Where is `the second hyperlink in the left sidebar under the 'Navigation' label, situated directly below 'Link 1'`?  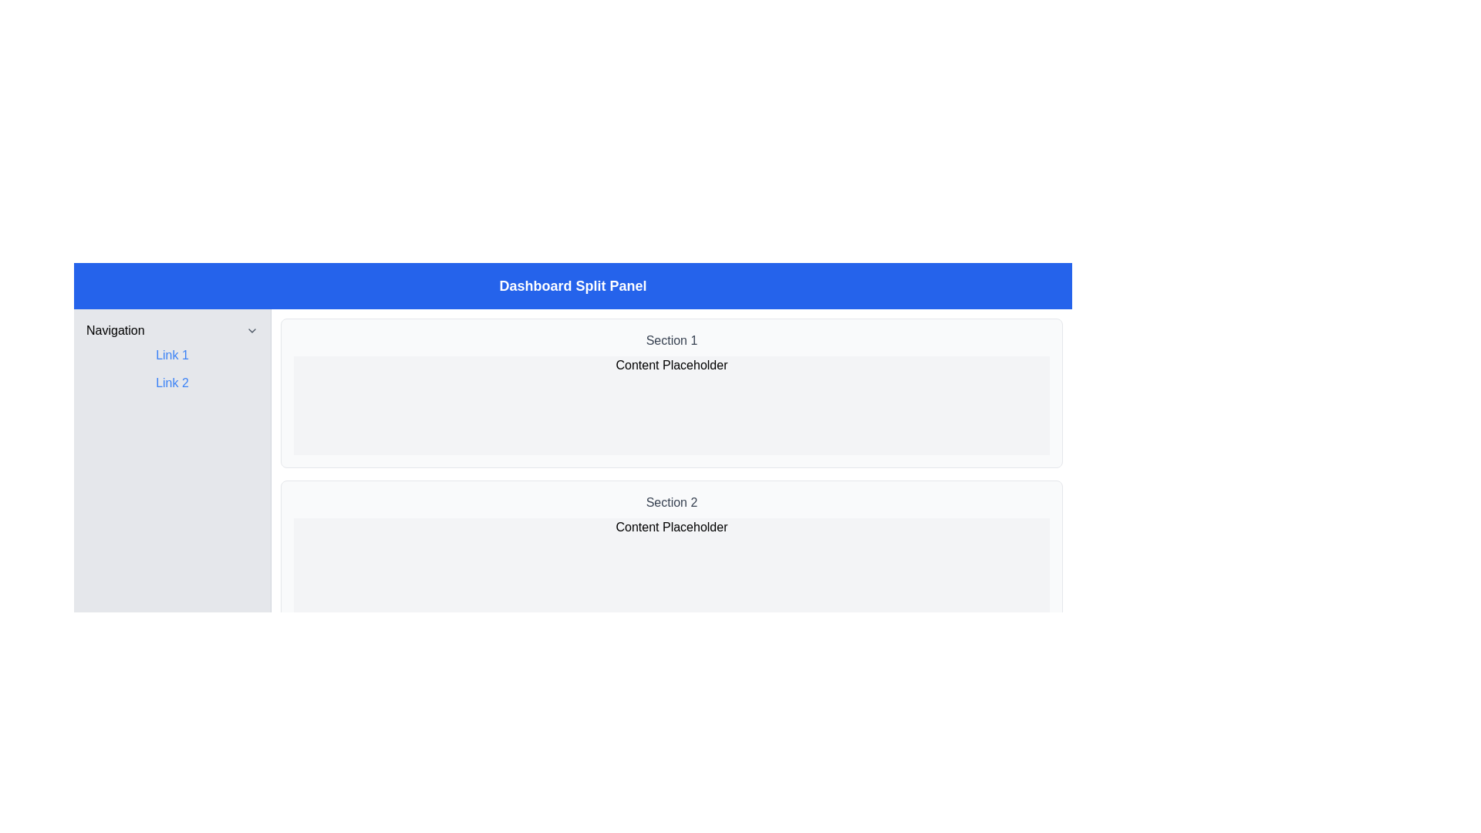 the second hyperlink in the left sidebar under the 'Navigation' label, situated directly below 'Link 1' is located at coordinates (172, 383).